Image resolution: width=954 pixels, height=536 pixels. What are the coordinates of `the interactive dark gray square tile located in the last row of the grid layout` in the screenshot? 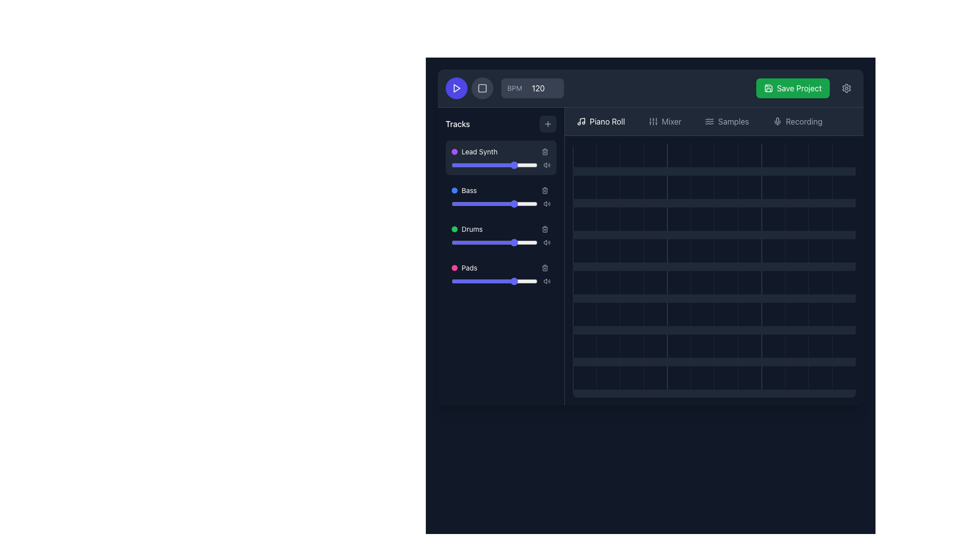 It's located at (820, 378).